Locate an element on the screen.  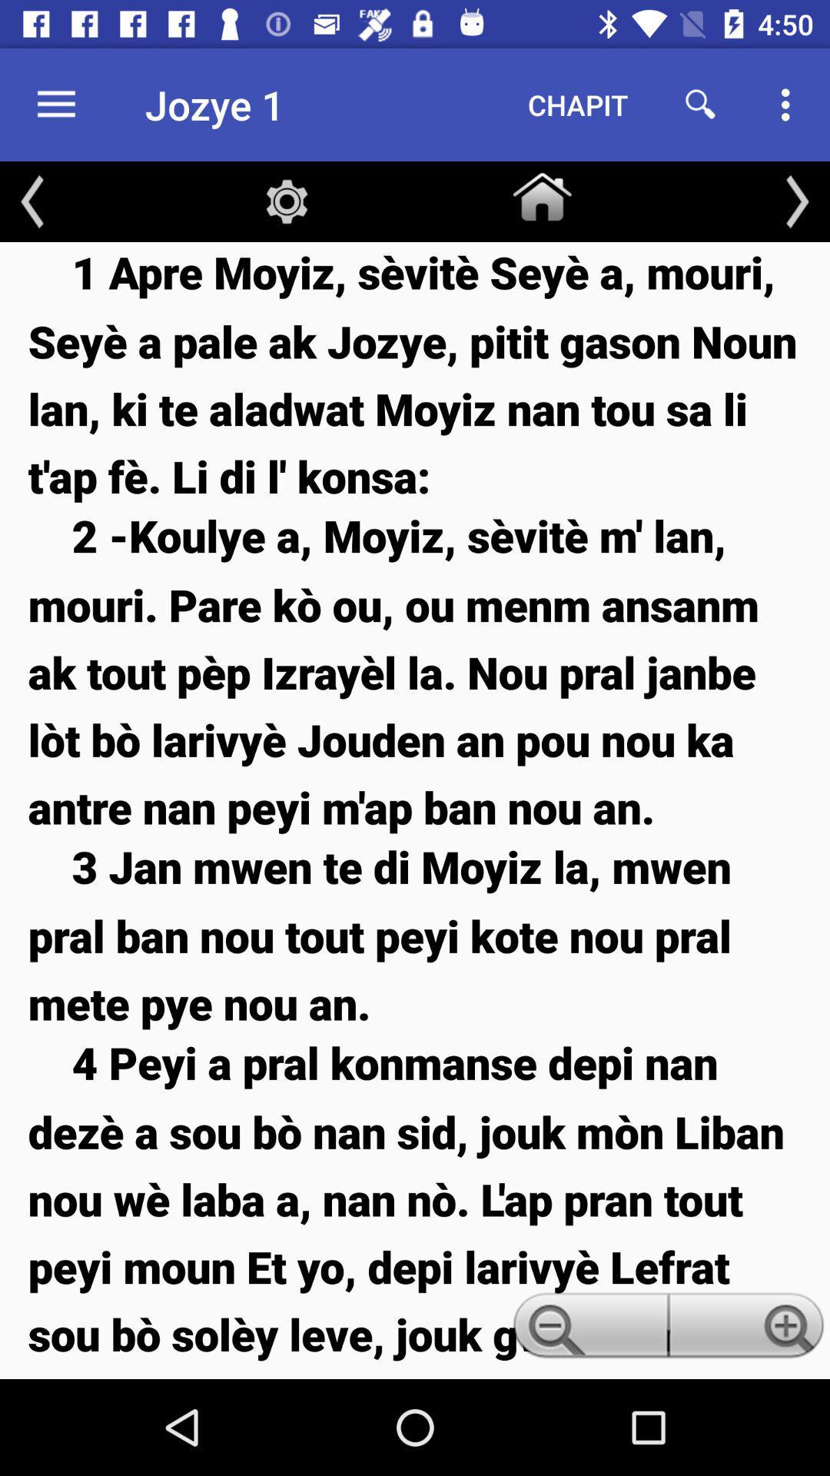
item below jozye 1 is located at coordinates (287, 201).